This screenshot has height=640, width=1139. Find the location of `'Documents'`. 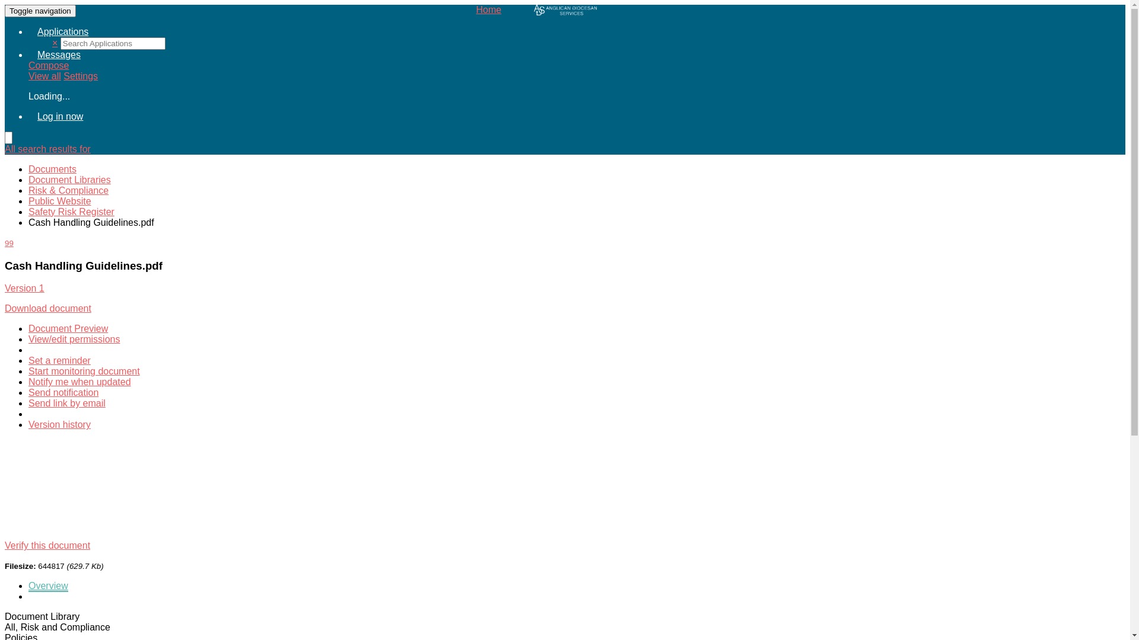

'Documents' is located at coordinates (52, 169).